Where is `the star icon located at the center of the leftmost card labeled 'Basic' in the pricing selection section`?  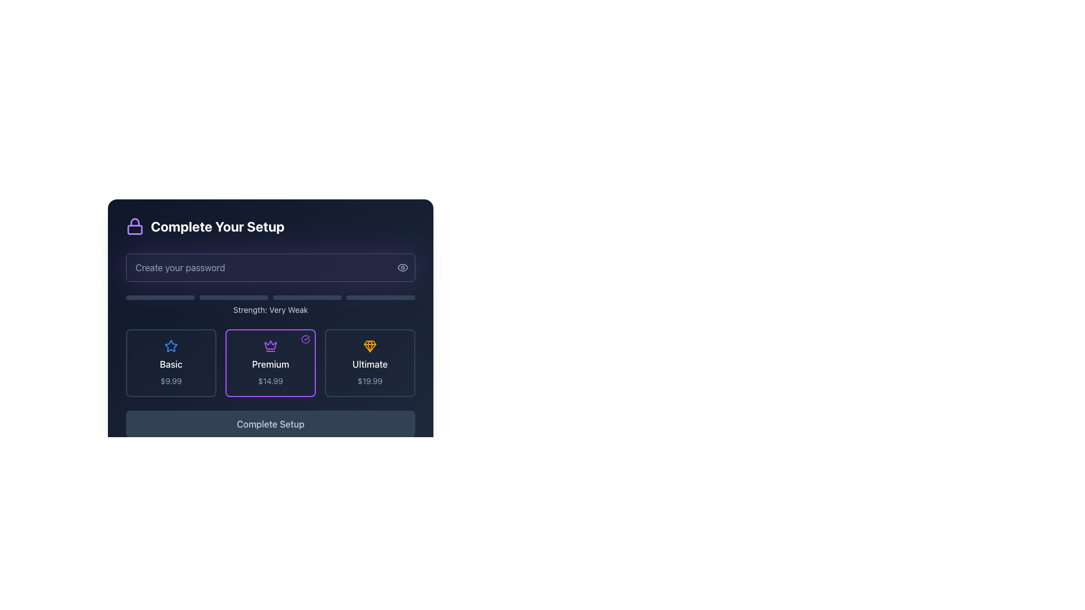
the star icon located at the center of the leftmost card labeled 'Basic' in the pricing selection section is located at coordinates (170, 345).